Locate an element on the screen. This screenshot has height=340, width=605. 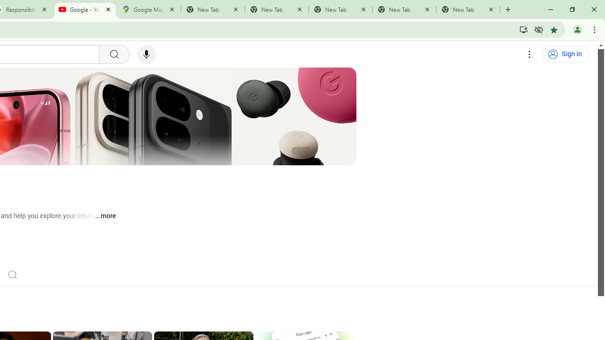
'Google Maps' is located at coordinates (148, 9).